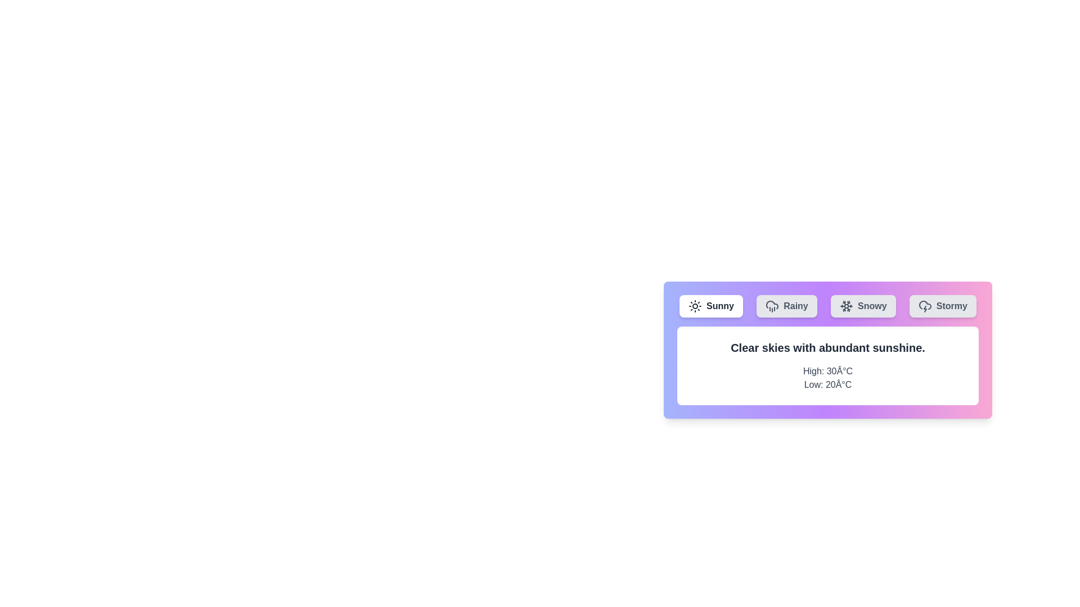 The height and width of the screenshot is (607, 1080). Describe the element at coordinates (786, 306) in the screenshot. I see `the weather tab labeled Rainy` at that location.